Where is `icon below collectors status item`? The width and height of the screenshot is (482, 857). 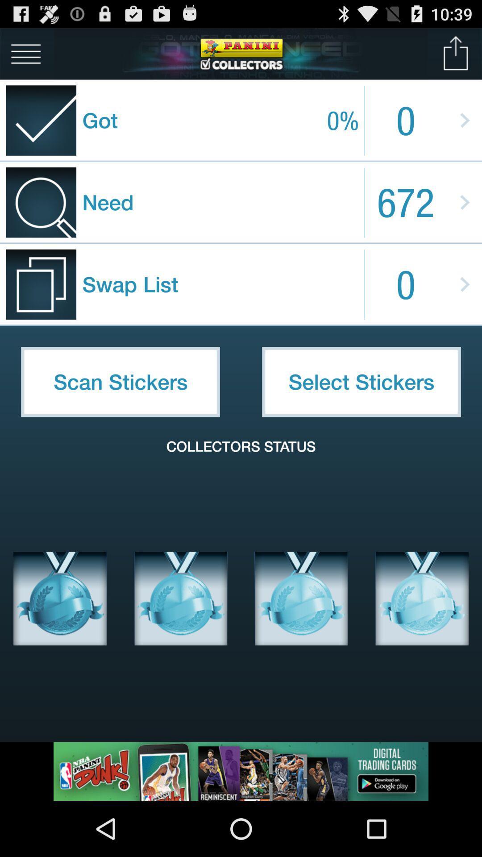 icon below collectors status item is located at coordinates (181, 598).